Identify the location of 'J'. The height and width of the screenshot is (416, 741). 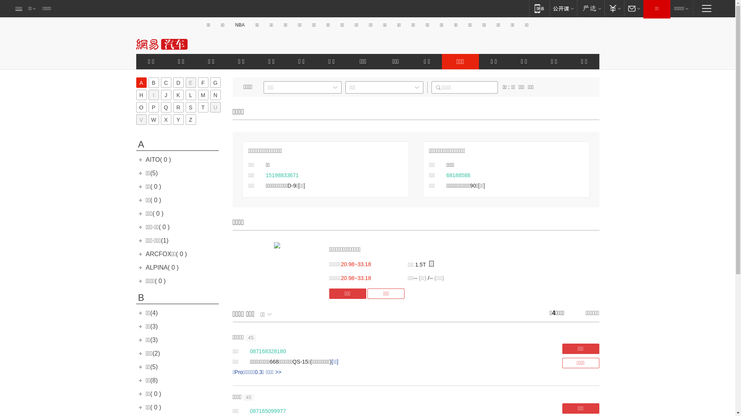
(165, 94).